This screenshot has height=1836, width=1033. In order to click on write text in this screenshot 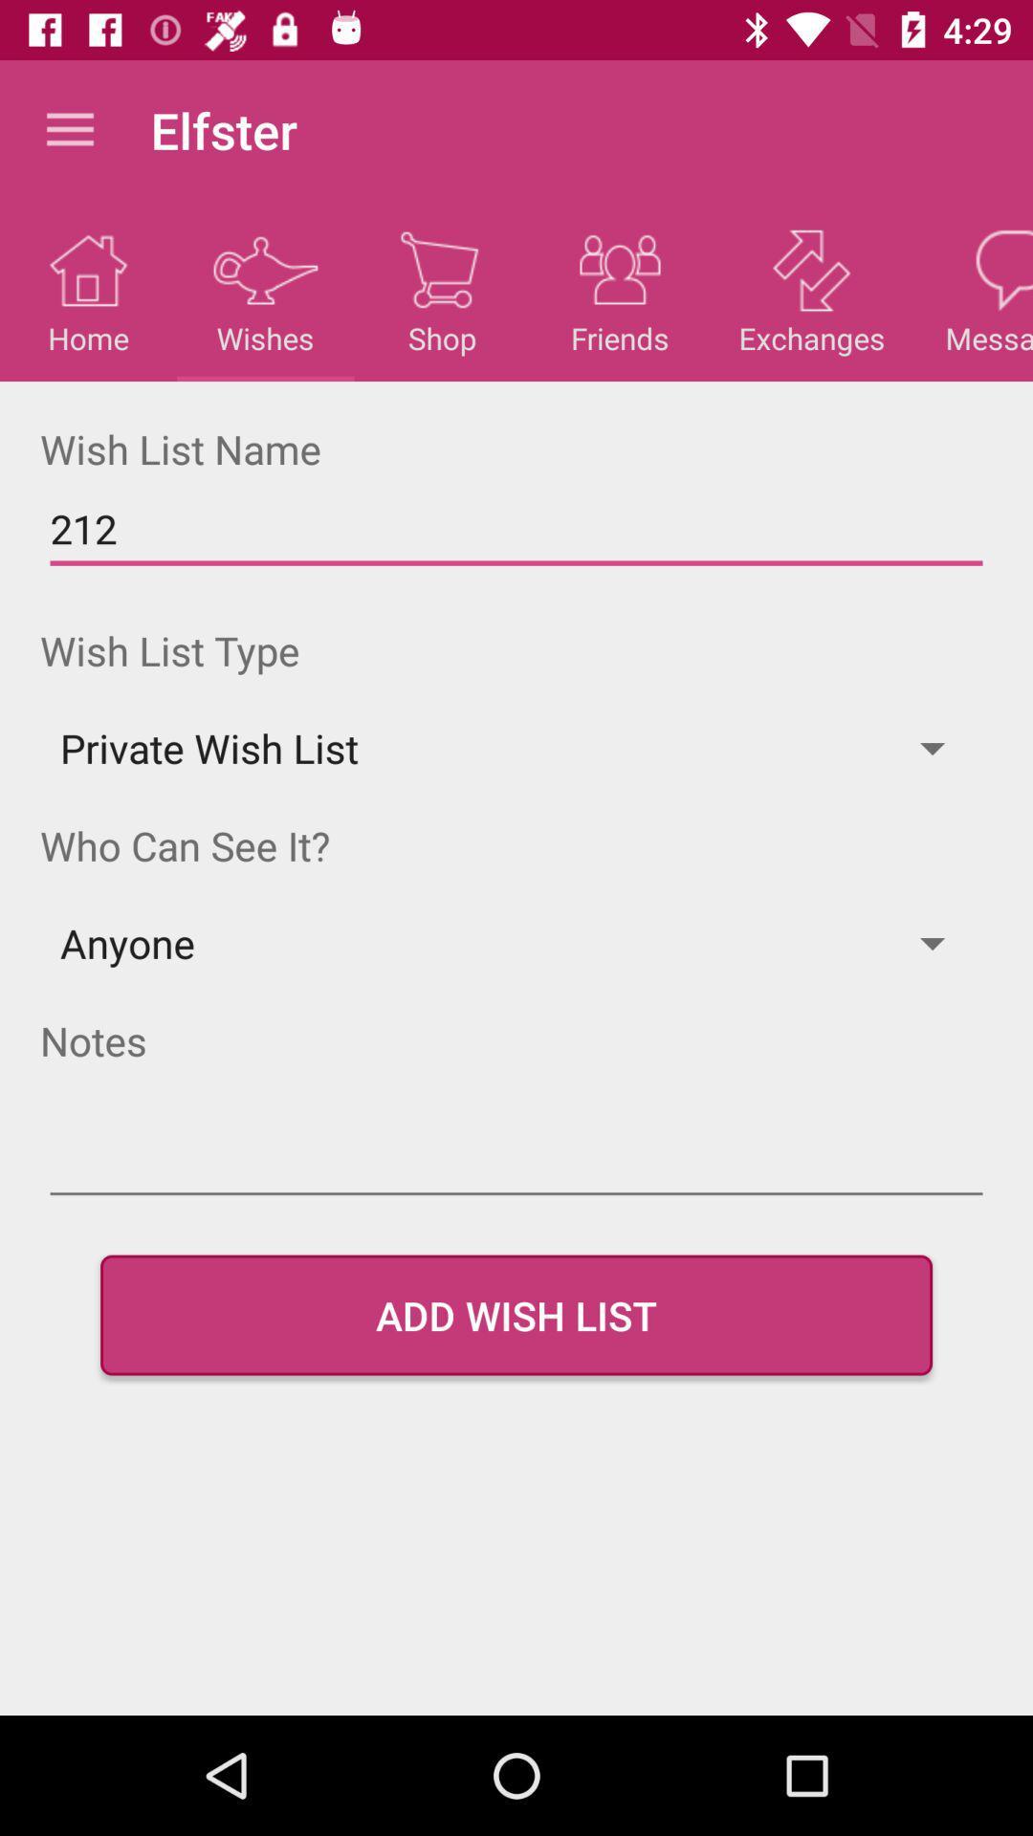, I will do `click(516, 1160)`.